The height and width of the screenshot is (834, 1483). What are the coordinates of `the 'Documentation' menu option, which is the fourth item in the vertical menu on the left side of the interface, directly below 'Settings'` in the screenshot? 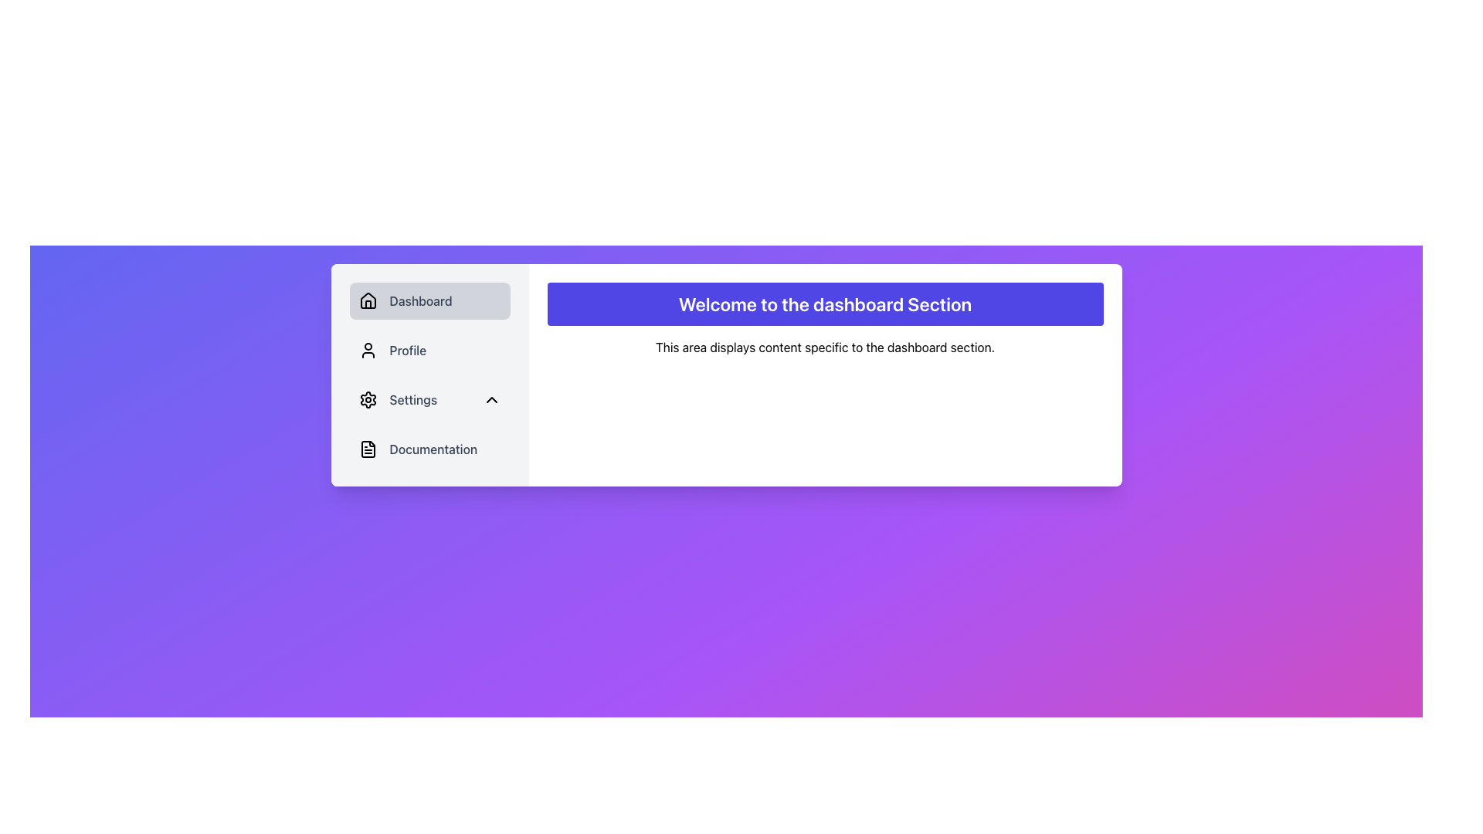 It's located at (429, 449).